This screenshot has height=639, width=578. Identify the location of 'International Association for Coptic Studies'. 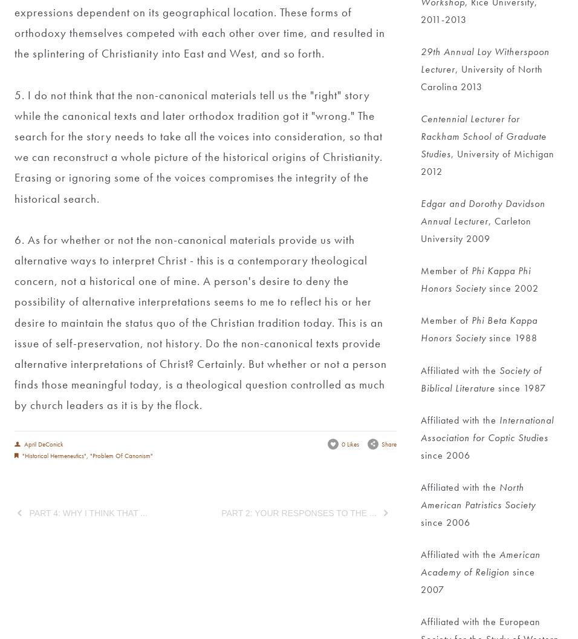
(488, 428).